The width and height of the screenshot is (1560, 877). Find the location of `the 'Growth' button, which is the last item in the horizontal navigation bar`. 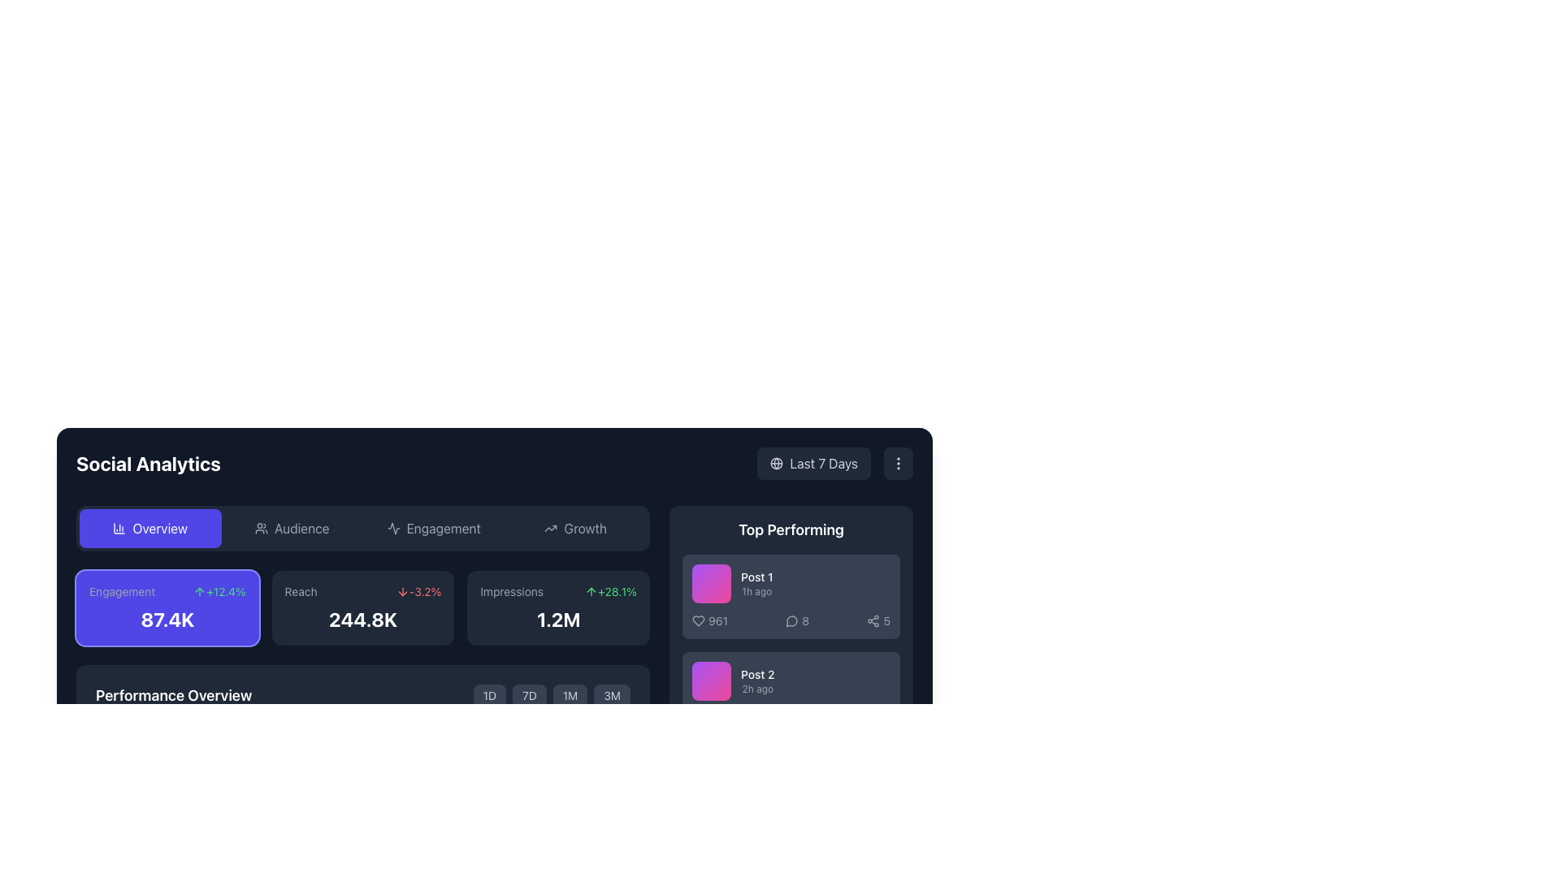

the 'Growth' button, which is the last item in the horizontal navigation bar is located at coordinates (575, 529).